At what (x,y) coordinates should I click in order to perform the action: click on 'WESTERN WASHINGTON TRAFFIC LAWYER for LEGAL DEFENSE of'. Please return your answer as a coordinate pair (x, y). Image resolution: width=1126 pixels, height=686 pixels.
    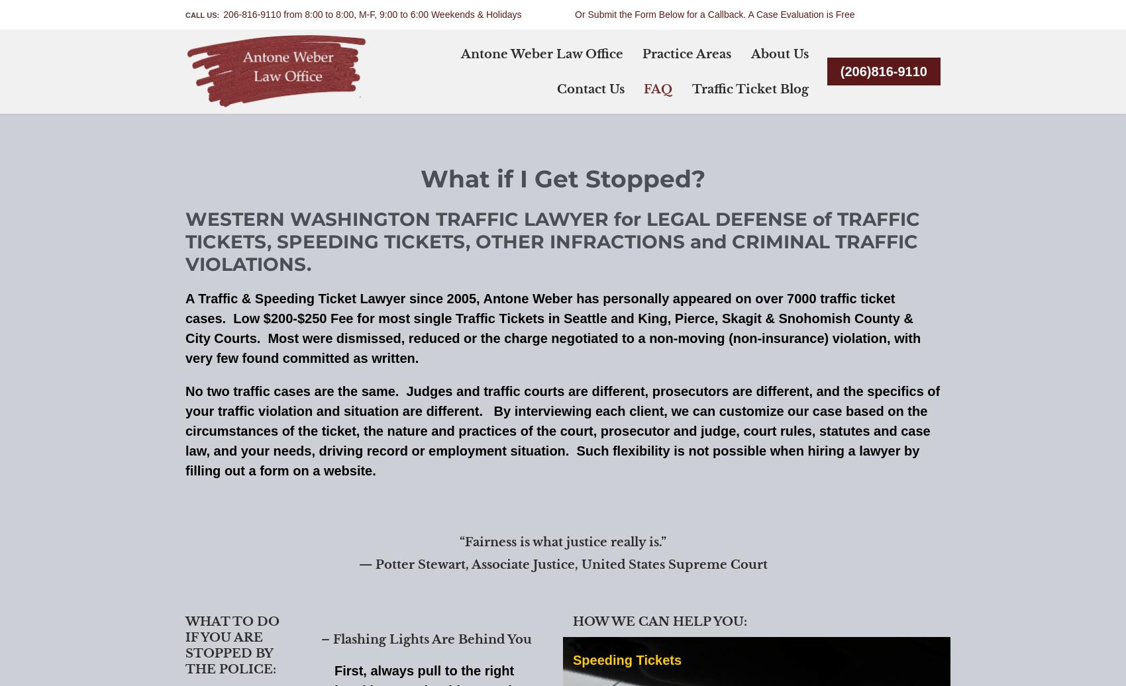
    Looking at the image, I should click on (510, 218).